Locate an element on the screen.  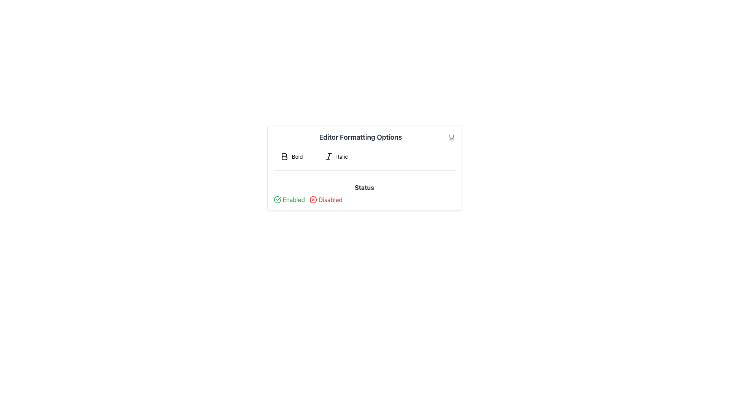
the icon that represents a disabled status, located in the 'Status' row next to the 'Disabled' label is located at coordinates (313, 199).